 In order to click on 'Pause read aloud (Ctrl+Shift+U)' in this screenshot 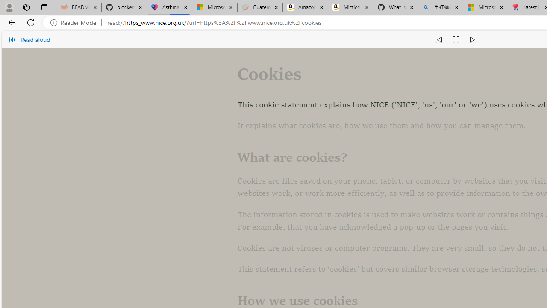, I will do `click(455, 39)`.